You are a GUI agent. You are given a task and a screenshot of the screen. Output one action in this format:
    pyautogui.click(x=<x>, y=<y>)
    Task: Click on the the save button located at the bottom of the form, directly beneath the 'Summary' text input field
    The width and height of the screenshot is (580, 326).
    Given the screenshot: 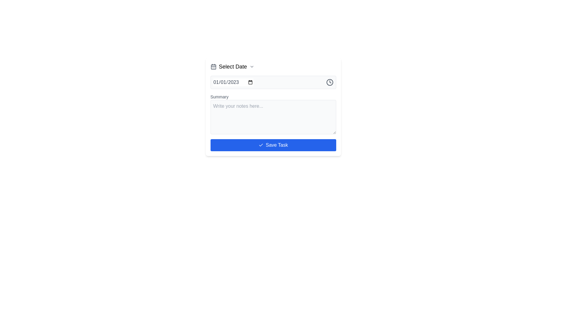 What is the action you would take?
    pyautogui.click(x=273, y=145)
    